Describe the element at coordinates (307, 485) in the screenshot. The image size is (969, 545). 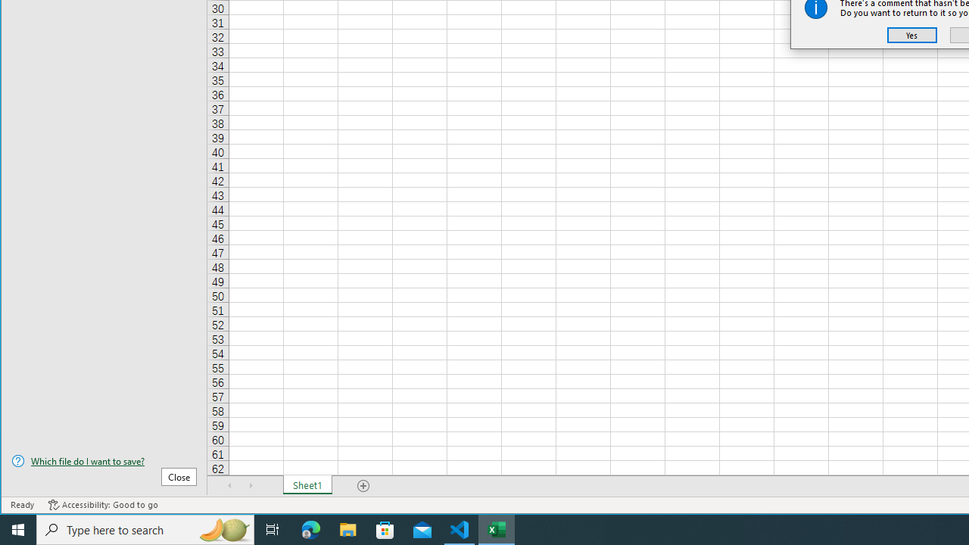
I see `'Sheet1'` at that location.